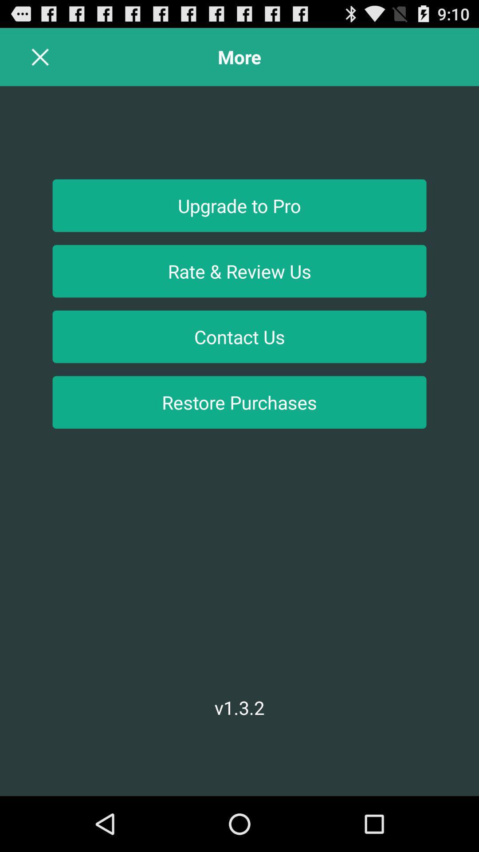 The height and width of the screenshot is (852, 479). I want to click on button above restore purchases, so click(239, 336).